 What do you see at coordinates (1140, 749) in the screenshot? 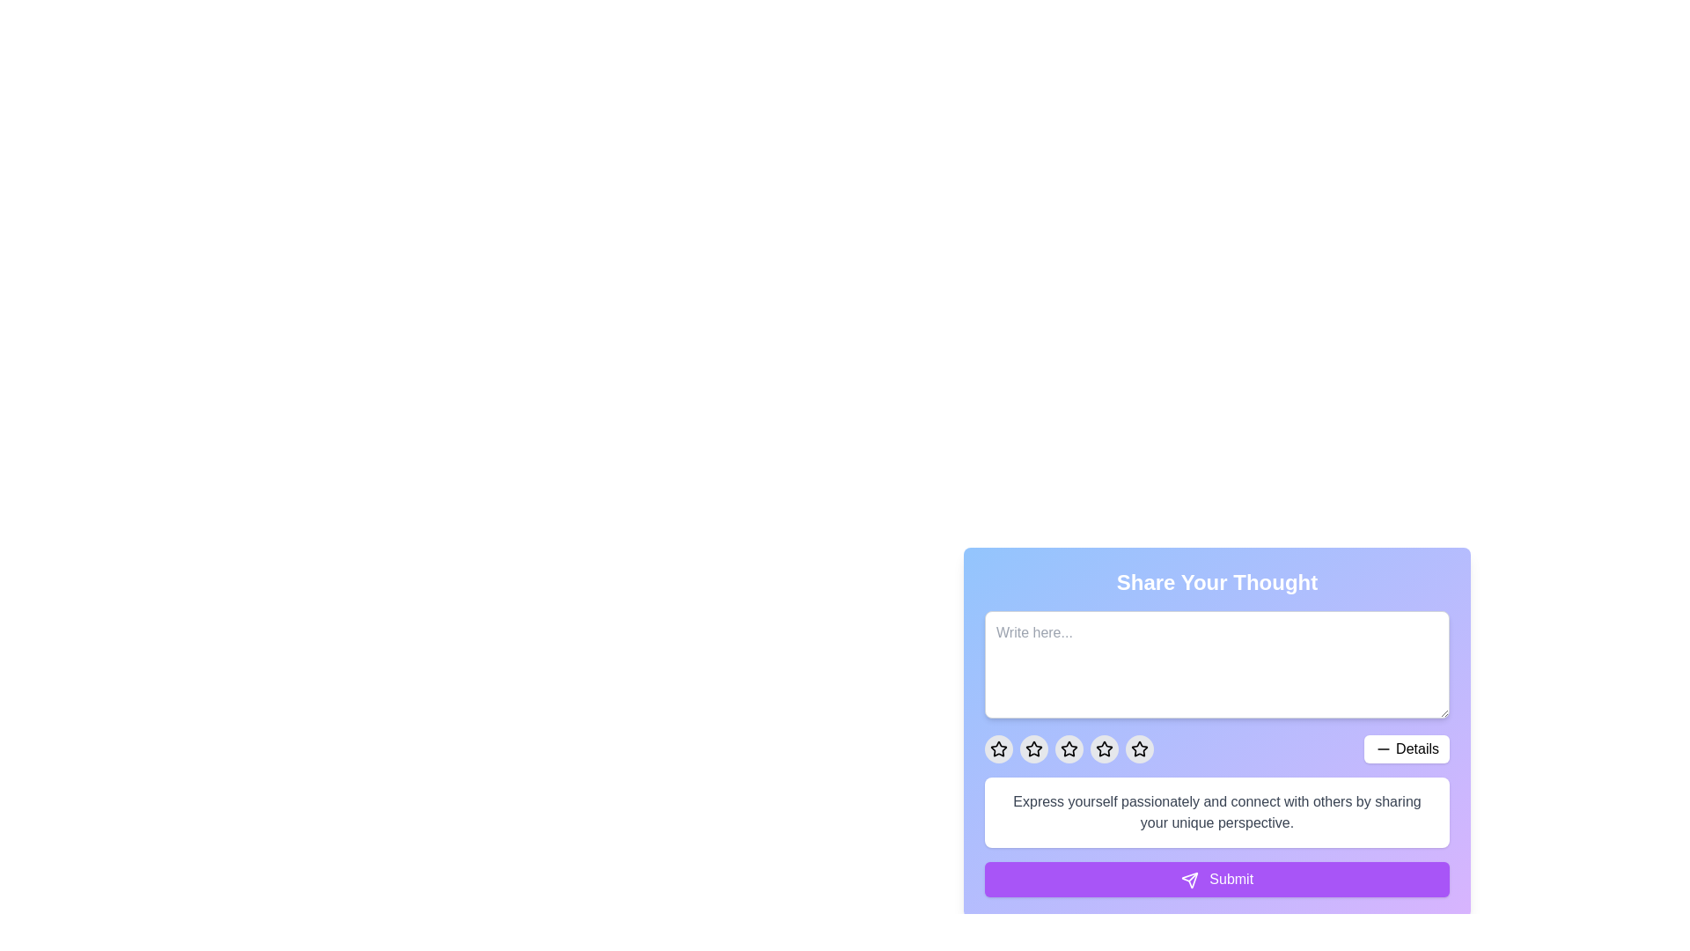
I see `another element` at bounding box center [1140, 749].